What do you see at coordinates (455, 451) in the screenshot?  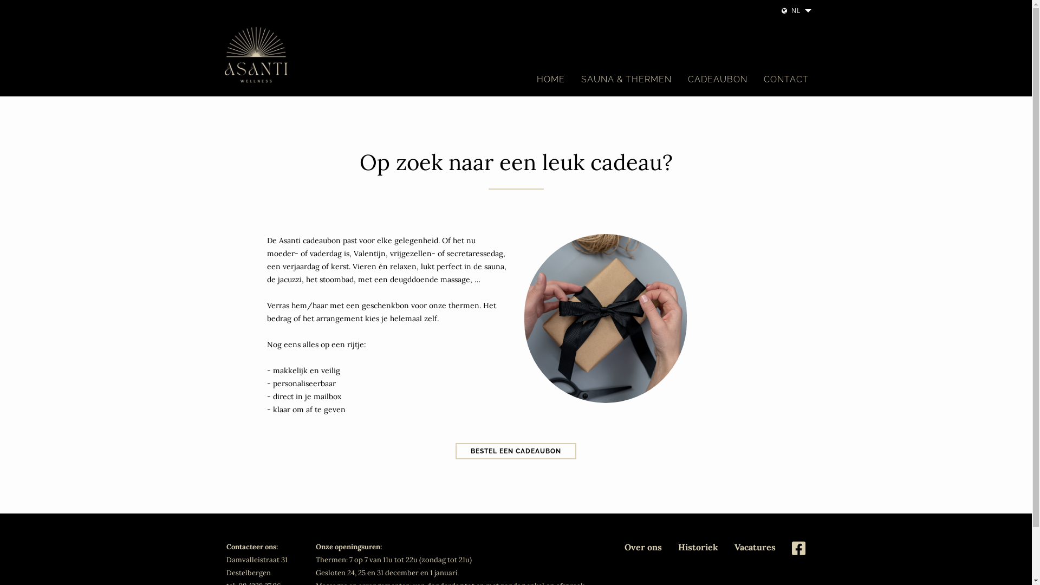 I see `'BESTEL EEN CADEAUBON'` at bounding box center [455, 451].